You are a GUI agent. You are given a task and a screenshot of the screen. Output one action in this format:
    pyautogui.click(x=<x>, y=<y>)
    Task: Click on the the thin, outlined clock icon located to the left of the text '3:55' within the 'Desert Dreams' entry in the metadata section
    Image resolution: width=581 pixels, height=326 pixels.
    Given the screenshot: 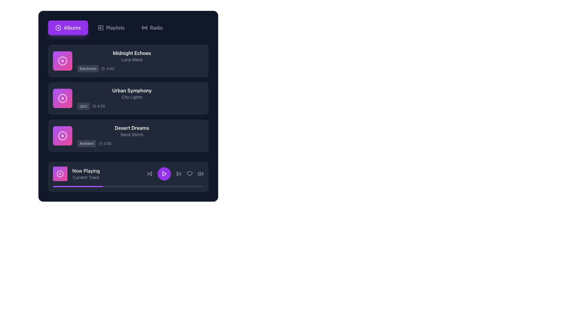 What is the action you would take?
    pyautogui.click(x=100, y=143)
    